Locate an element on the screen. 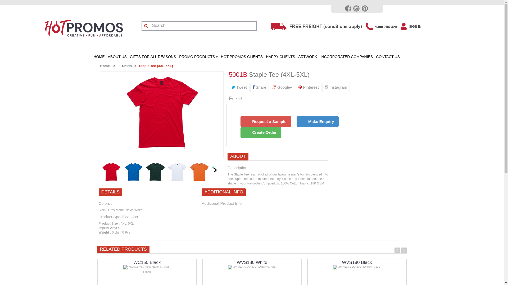 This screenshot has width=508, height=285. '  Make Enquiry' is located at coordinates (297, 122).